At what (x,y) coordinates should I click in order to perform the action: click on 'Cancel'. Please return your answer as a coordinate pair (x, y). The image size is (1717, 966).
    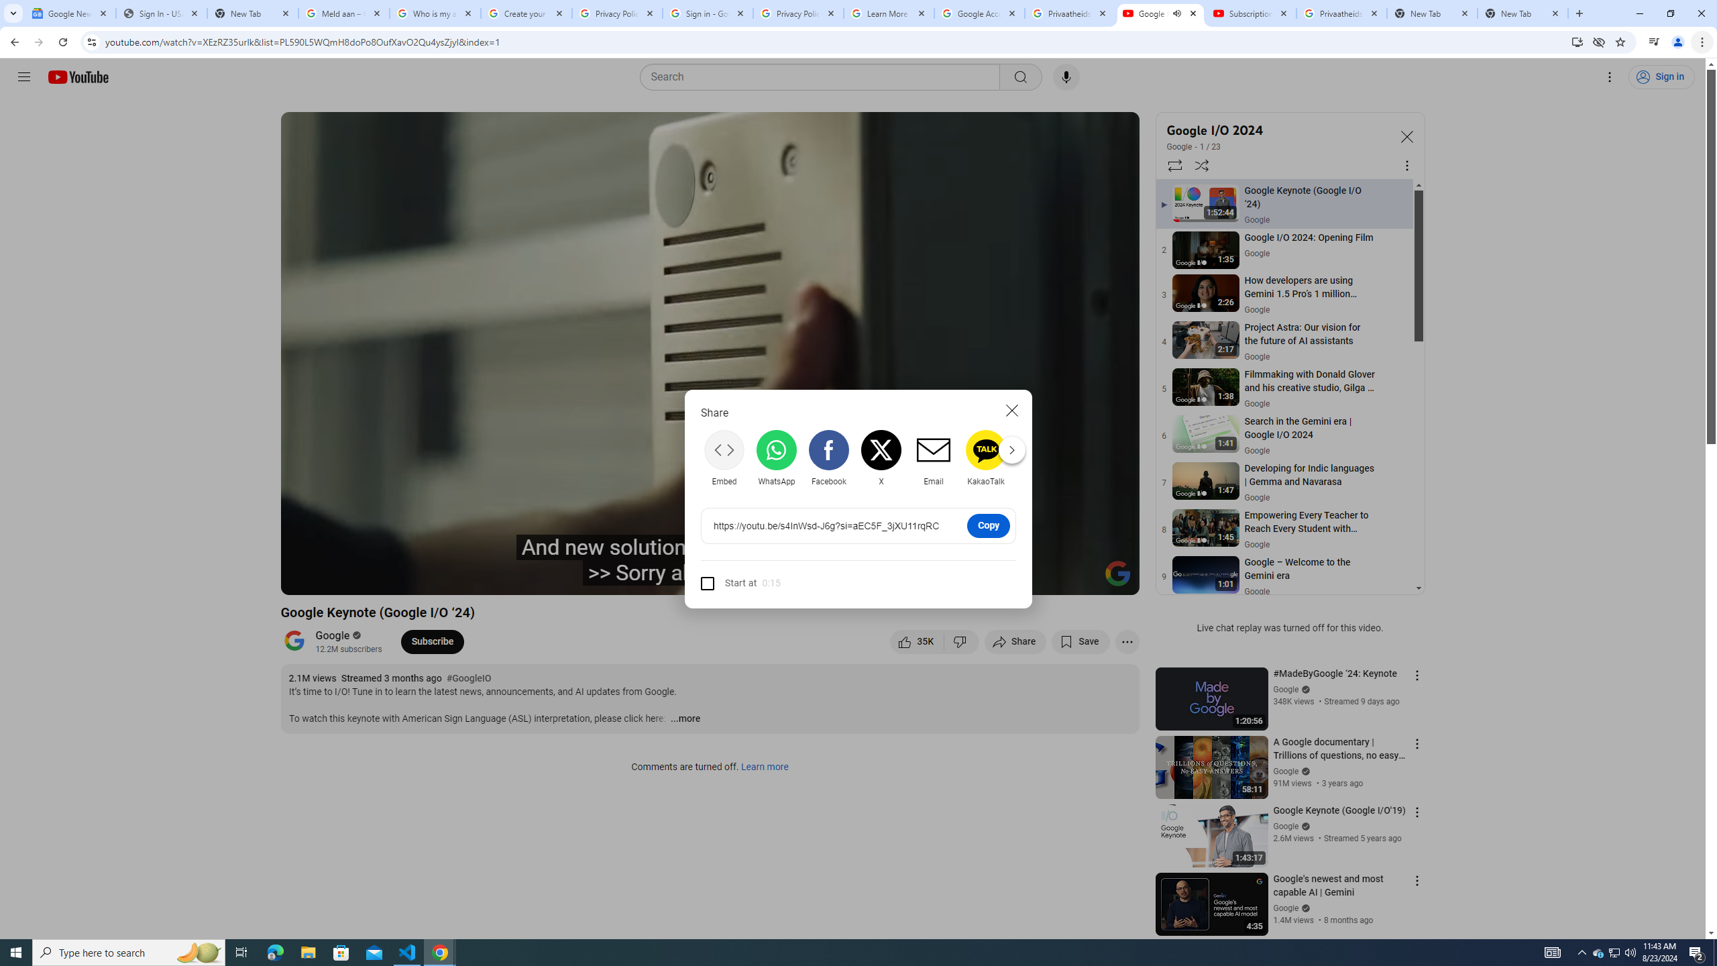
    Looking at the image, I should click on (1011, 409).